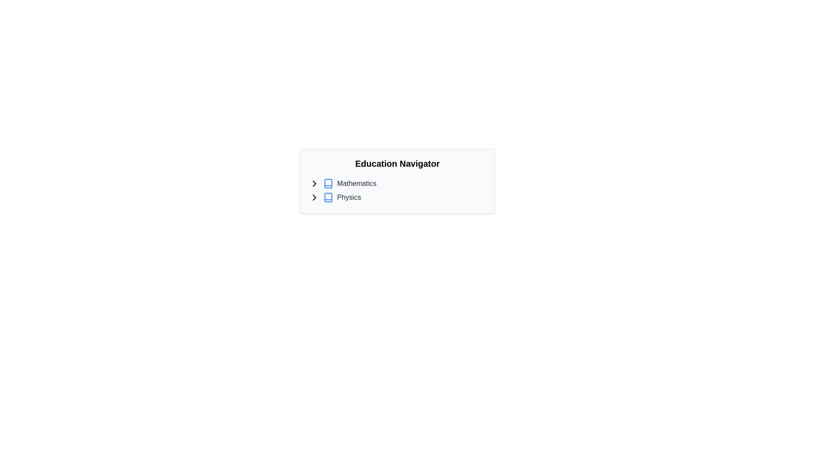 The height and width of the screenshot is (469, 834). What do you see at coordinates (328, 183) in the screenshot?
I see `the 'Mathematics' category icon, which is the first entry in the vertical list and located to the left of the label 'Mathematics'` at bounding box center [328, 183].